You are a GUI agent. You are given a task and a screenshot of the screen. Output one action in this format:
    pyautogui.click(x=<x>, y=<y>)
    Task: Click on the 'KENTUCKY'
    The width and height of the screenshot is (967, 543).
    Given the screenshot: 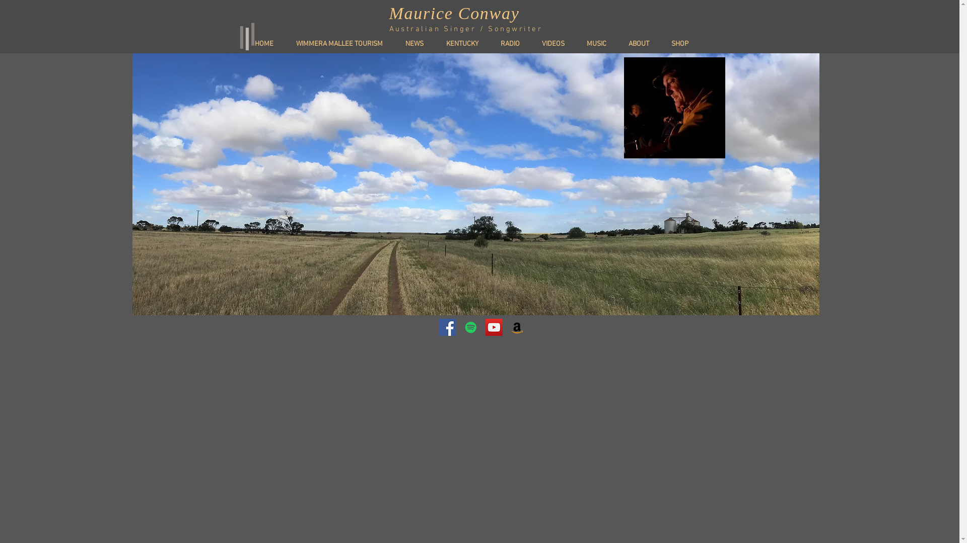 What is the action you would take?
    pyautogui.click(x=466, y=44)
    